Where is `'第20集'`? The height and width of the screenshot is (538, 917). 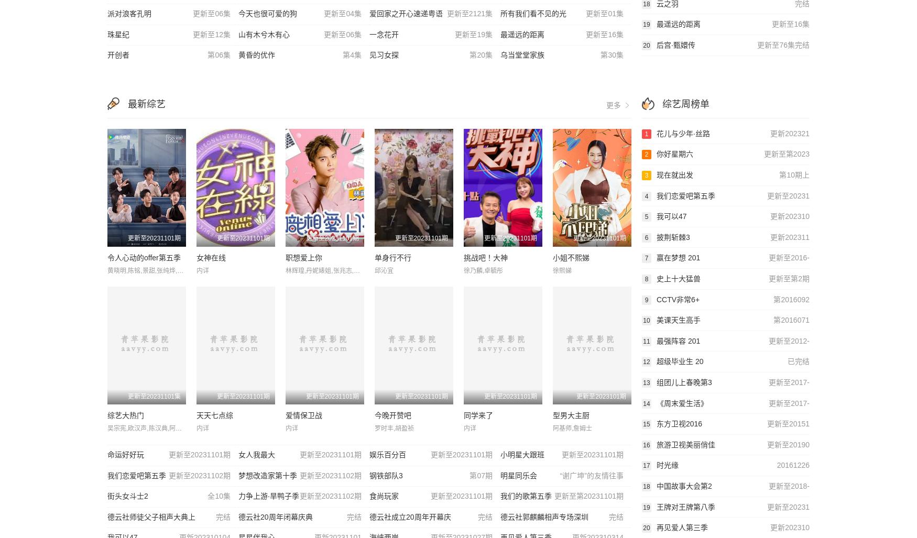 '第20集' is located at coordinates (481, 54).